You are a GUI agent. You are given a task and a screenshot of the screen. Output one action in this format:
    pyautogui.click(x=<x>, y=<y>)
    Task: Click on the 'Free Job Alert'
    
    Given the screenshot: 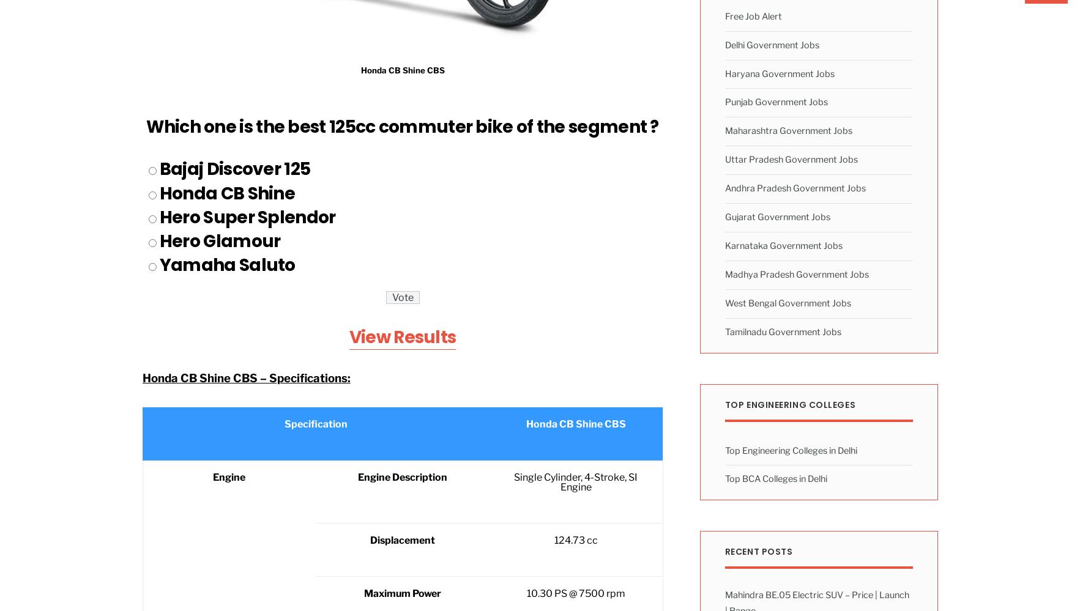 What is the action you would take?
    pyautogui.click(x=753, y=15)
    